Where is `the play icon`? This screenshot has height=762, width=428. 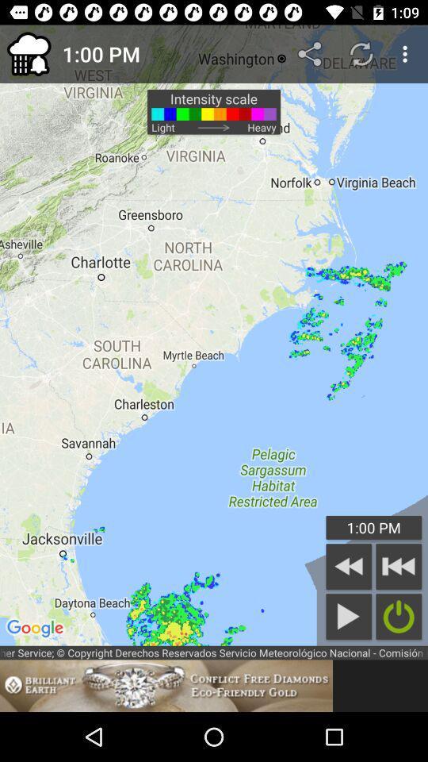
the play icon is located at coordinates (349, 616).